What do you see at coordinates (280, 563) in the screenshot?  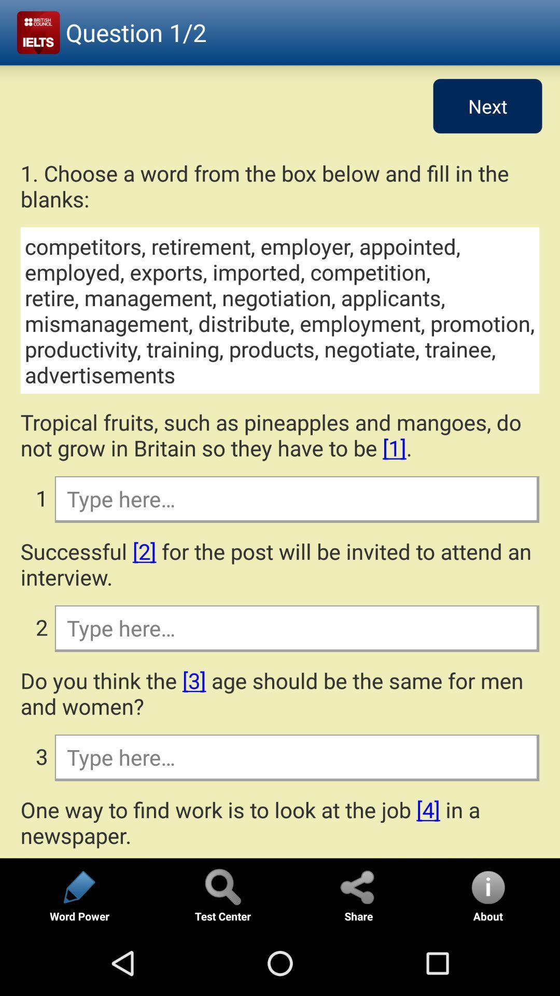 I see `successful 2 for item` at bounding box center [280, 563].